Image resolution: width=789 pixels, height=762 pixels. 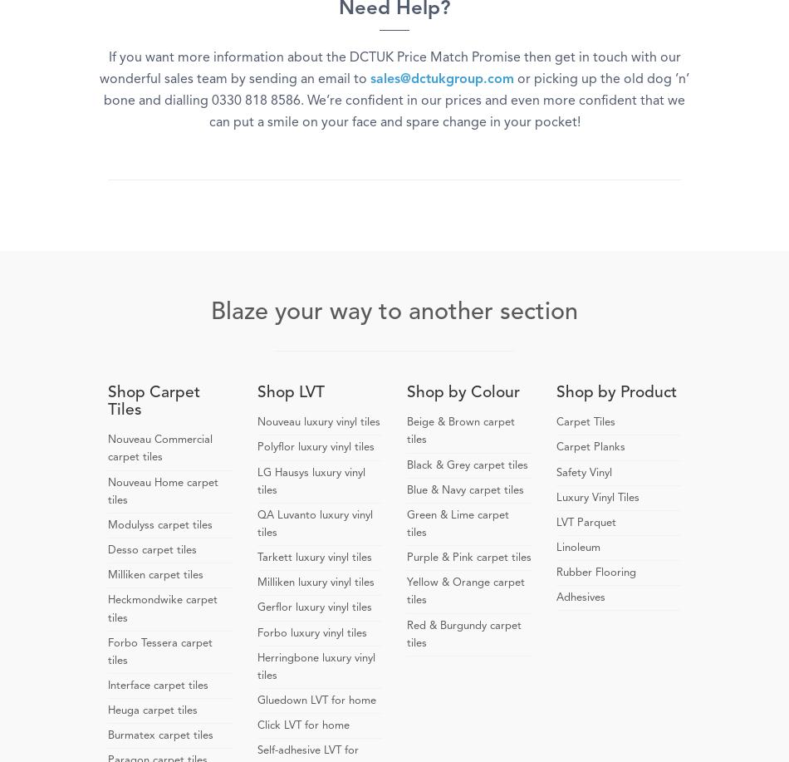 I want to click on 'Blaze your way to another section', so click(x=394, y=312).